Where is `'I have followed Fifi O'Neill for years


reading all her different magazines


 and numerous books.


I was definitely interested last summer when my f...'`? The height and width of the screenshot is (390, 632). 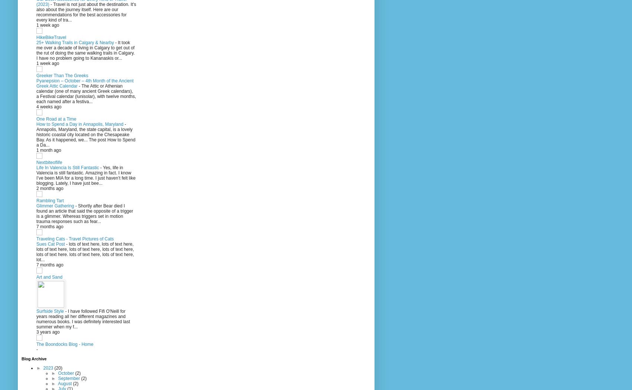
'I have followed Fifi O'Neill for years


reading all her different magazines


 and numerous books.


I was definitely interested last summer when my f...' is located at coordinates (83, 319).